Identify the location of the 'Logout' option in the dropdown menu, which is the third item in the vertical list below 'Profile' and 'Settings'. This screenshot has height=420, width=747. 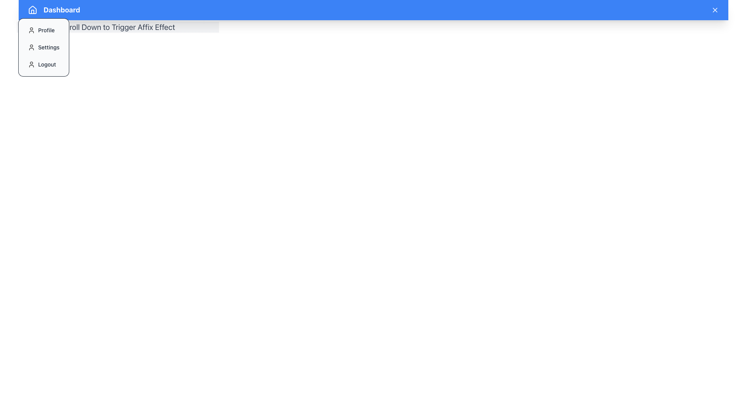
(43, 64).